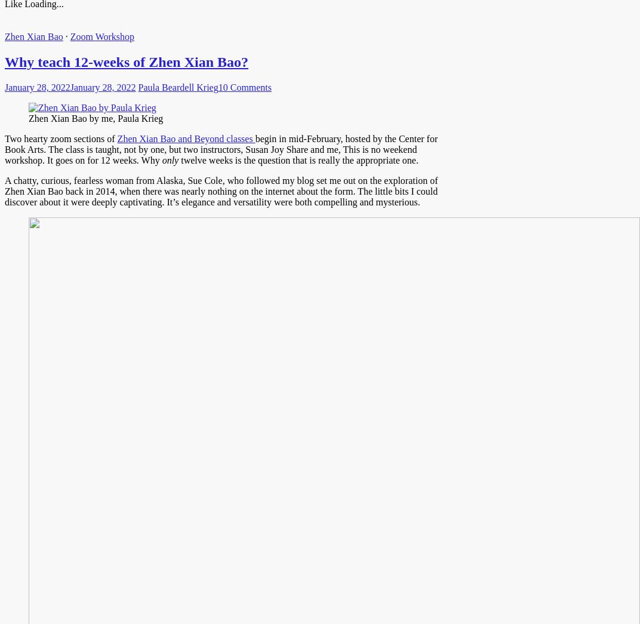  What do you see at coordinates (244, 87) in the screenshot?
I see `'10 Comments'` at bounding box center [244, 87].